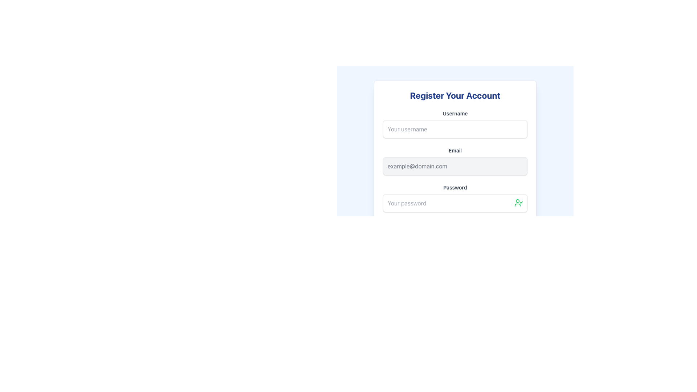  Describe the element at coordinates (518, 203) in the screenshot. I see `the verification button with a user and checkmark icon located in the top-right area of the password input field on the registration form` at that location.